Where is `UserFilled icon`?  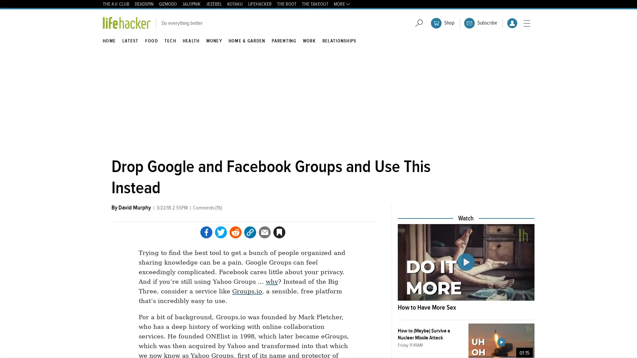
UserFilled icon is located at coordinates (512, 23).